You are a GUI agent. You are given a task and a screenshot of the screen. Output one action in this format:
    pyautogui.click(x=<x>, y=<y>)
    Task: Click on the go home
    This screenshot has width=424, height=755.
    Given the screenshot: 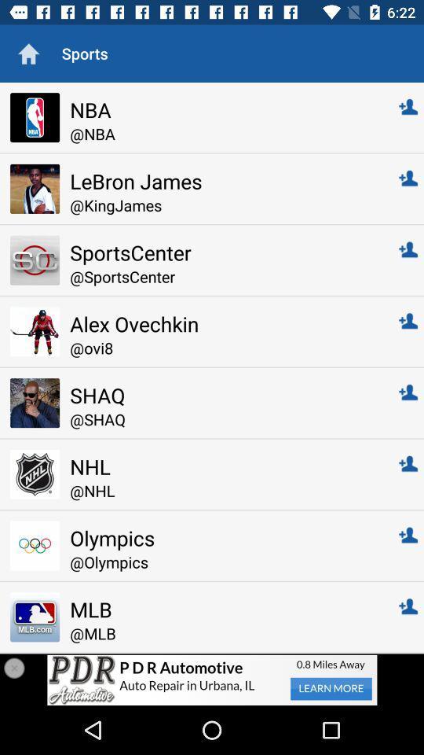 What is the action you would take?
    pyautogui.click(x=28, y=53)
    